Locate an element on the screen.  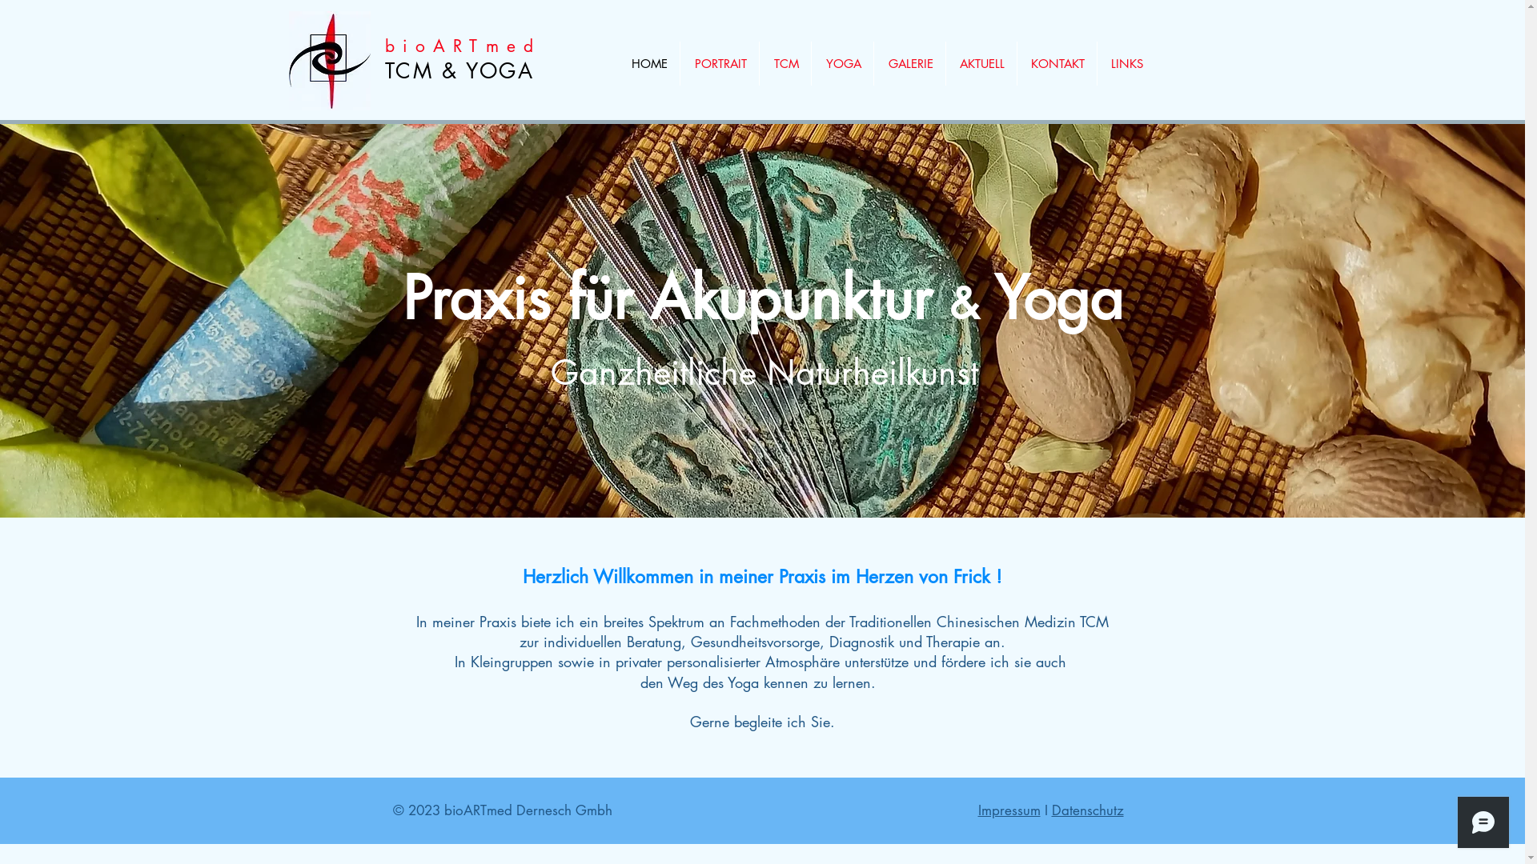
'AKTUELL' is located at coordinates (980, 62).